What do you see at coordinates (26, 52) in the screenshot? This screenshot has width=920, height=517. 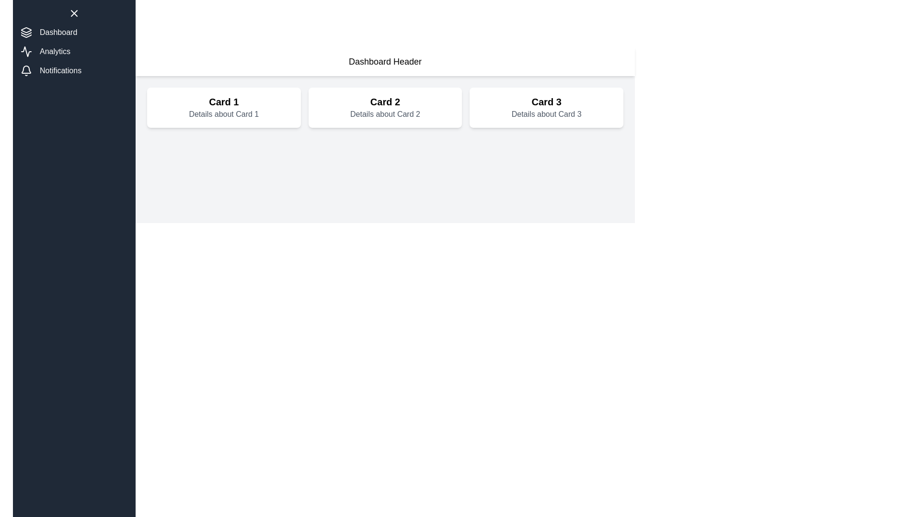 I see `the waveform icon in the vertical navigation panel` at bounding box center [26, 52].